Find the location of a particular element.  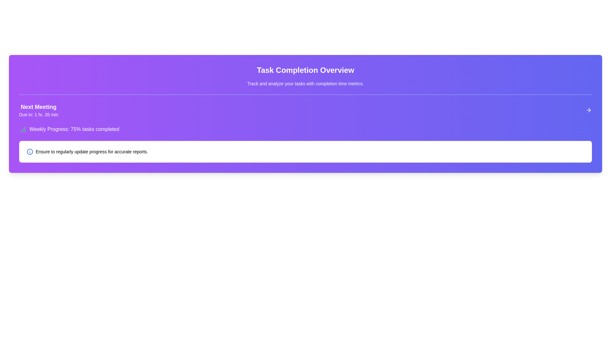

the information icon located at the left end of the horizontally aligned group preceding the text 'Ensure to regularly update progress for accurate reports.' is located at coordinates (30, 151).